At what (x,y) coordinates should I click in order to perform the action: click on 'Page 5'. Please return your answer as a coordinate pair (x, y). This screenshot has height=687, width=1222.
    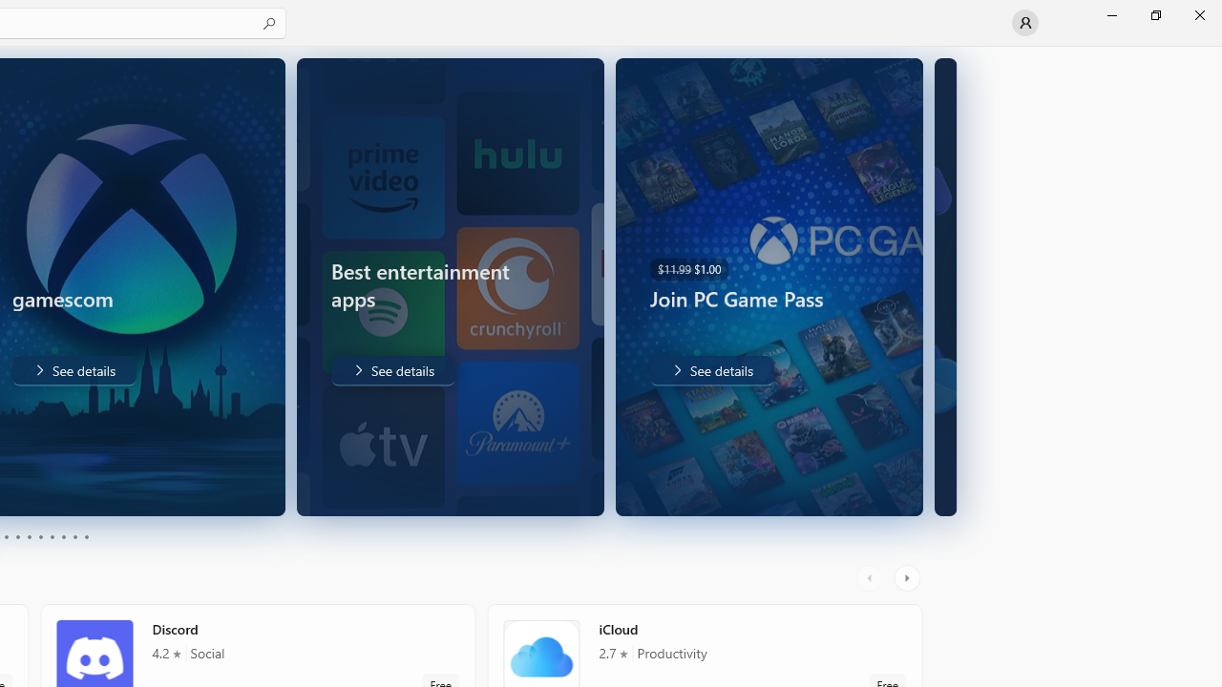
    Looking at the image, I should click on (29, 537).